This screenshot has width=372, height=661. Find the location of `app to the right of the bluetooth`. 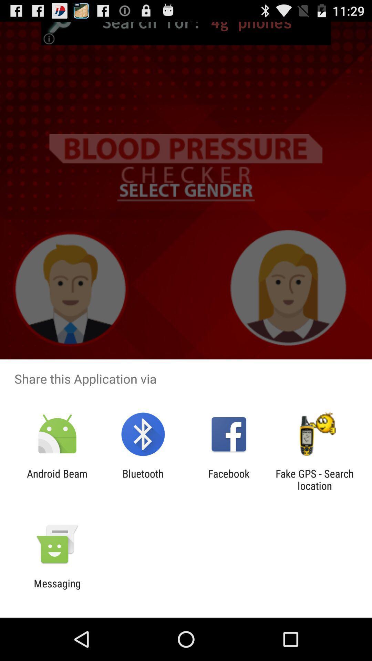

app to the right of the bluetooth is located at coordinates (229, 479).